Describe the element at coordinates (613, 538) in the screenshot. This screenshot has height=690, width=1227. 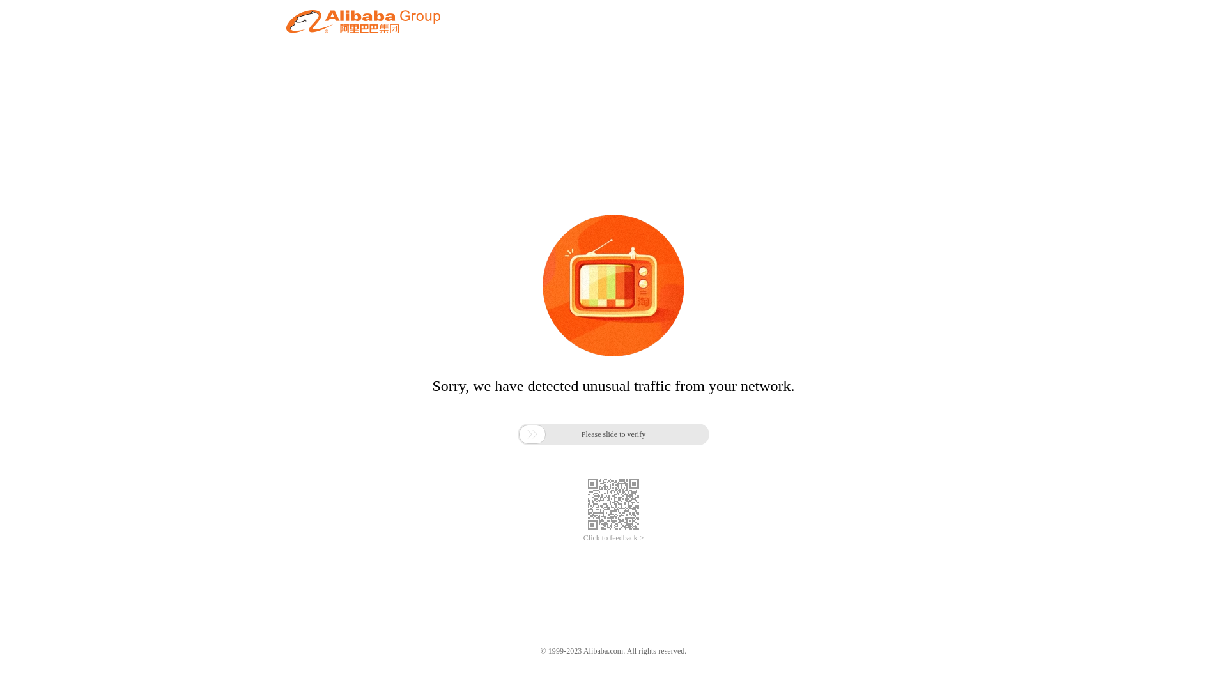
I see `'Click to feedback >'` at that location.